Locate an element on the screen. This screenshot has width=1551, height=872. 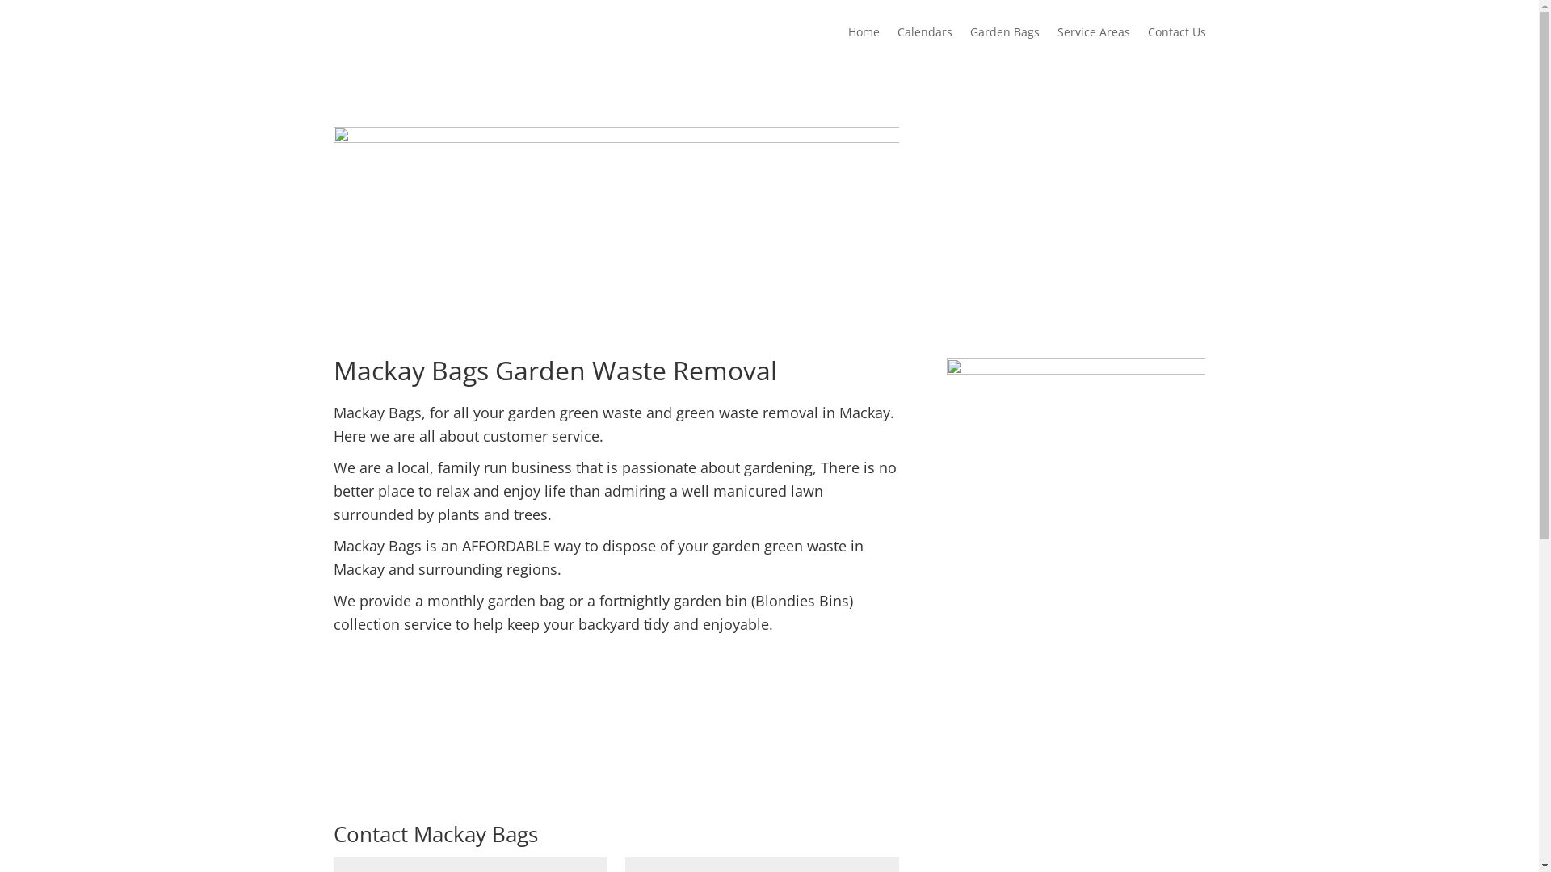
'Contact Us' is located at coordinates (1146, 43).